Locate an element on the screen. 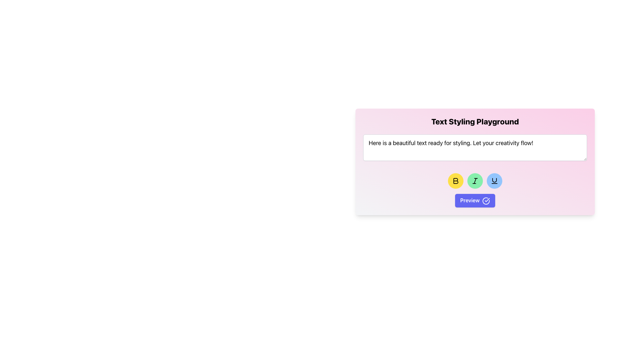 This screenshot has height=349, width=621. the Text Display/Input Box located below the 'Text Styling Playground' header is located at coordinates (475, 147).